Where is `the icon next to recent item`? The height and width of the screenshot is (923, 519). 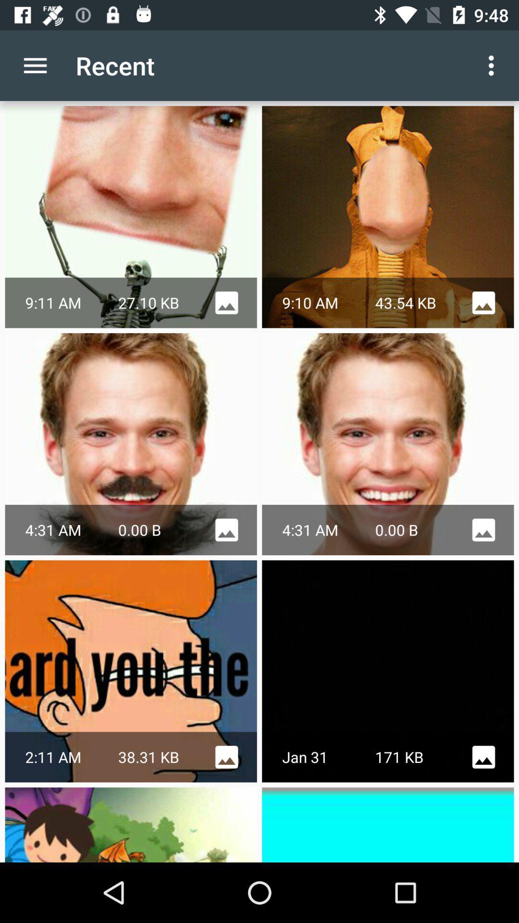
the icon next to recent item is located at coordinates (35, 65).